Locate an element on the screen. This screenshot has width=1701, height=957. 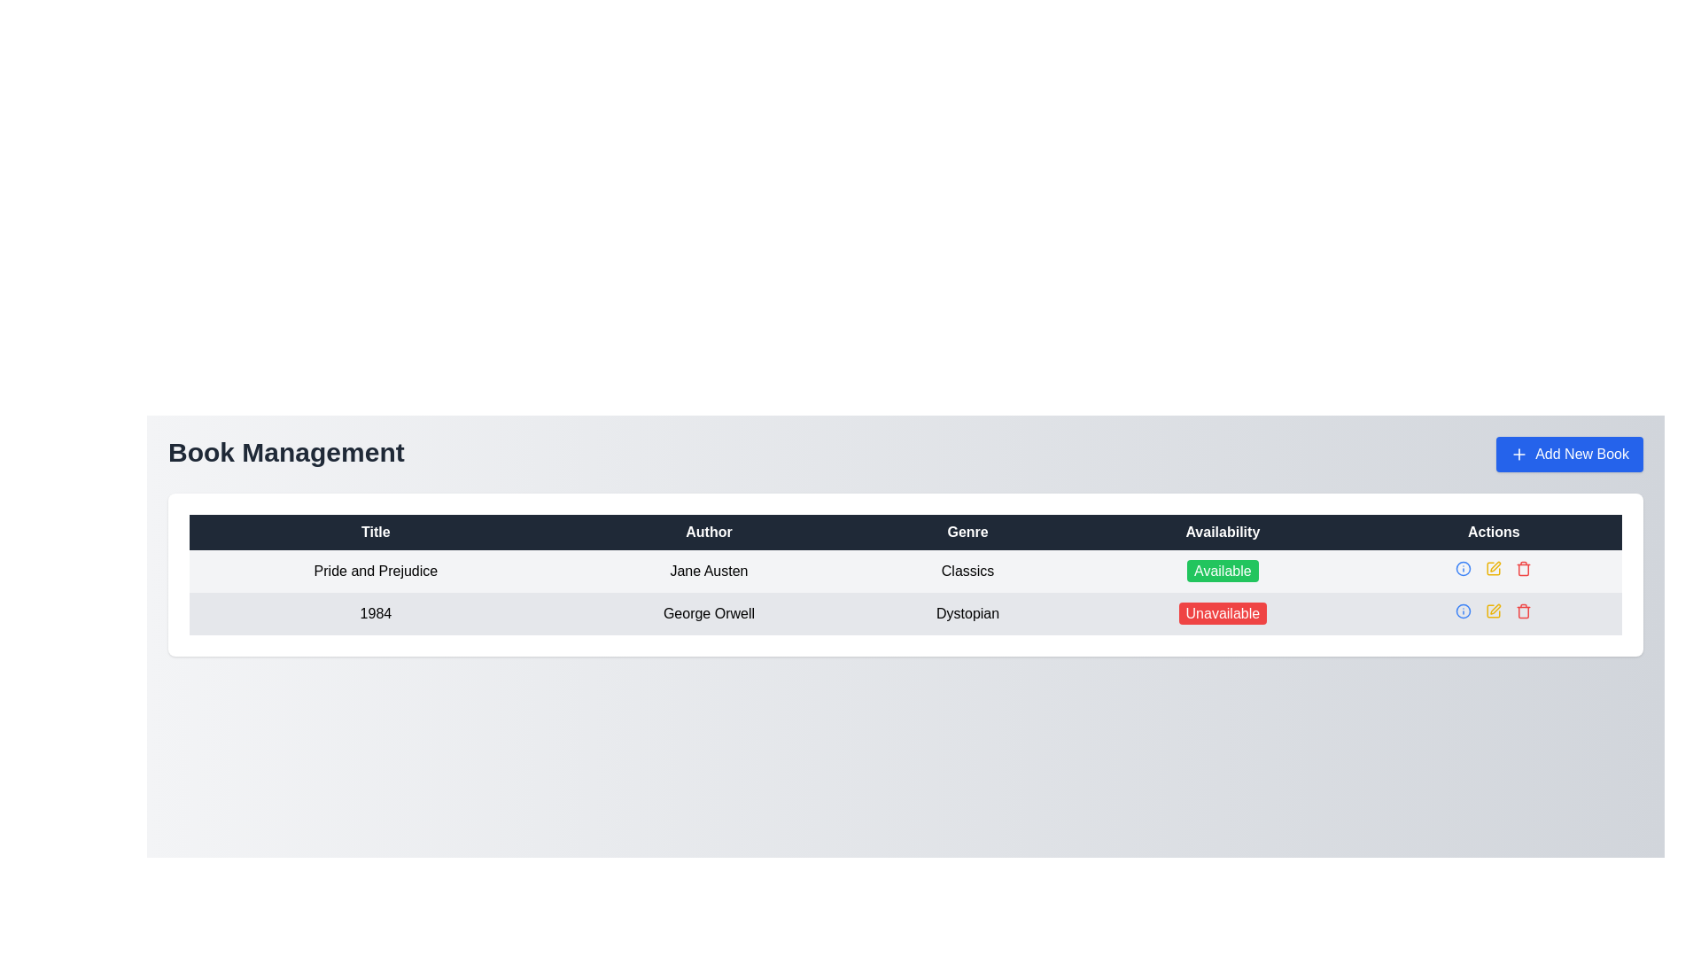
the yellow pencil icon with a dotted border in the 'Actions' column of the second row to initiate editing for the item '1984' is located at coordinates (1493, 568).